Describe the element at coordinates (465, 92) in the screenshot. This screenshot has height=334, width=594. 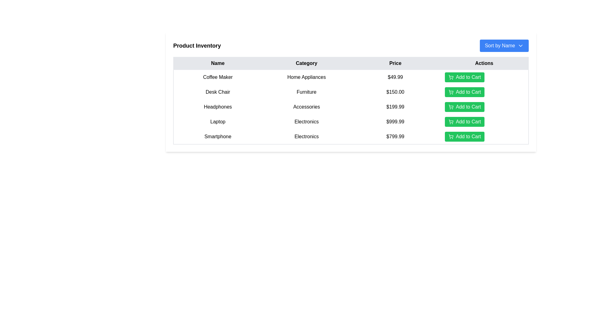
I see `the green 'Add to Cart' button with a shopping cart icon, which is the second button under the 'Actions' column for the item priced at $150.00` at that location.